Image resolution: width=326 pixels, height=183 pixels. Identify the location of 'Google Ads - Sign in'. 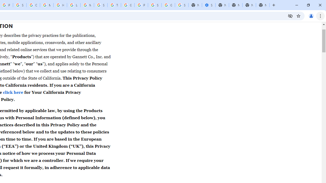
(128, 5).